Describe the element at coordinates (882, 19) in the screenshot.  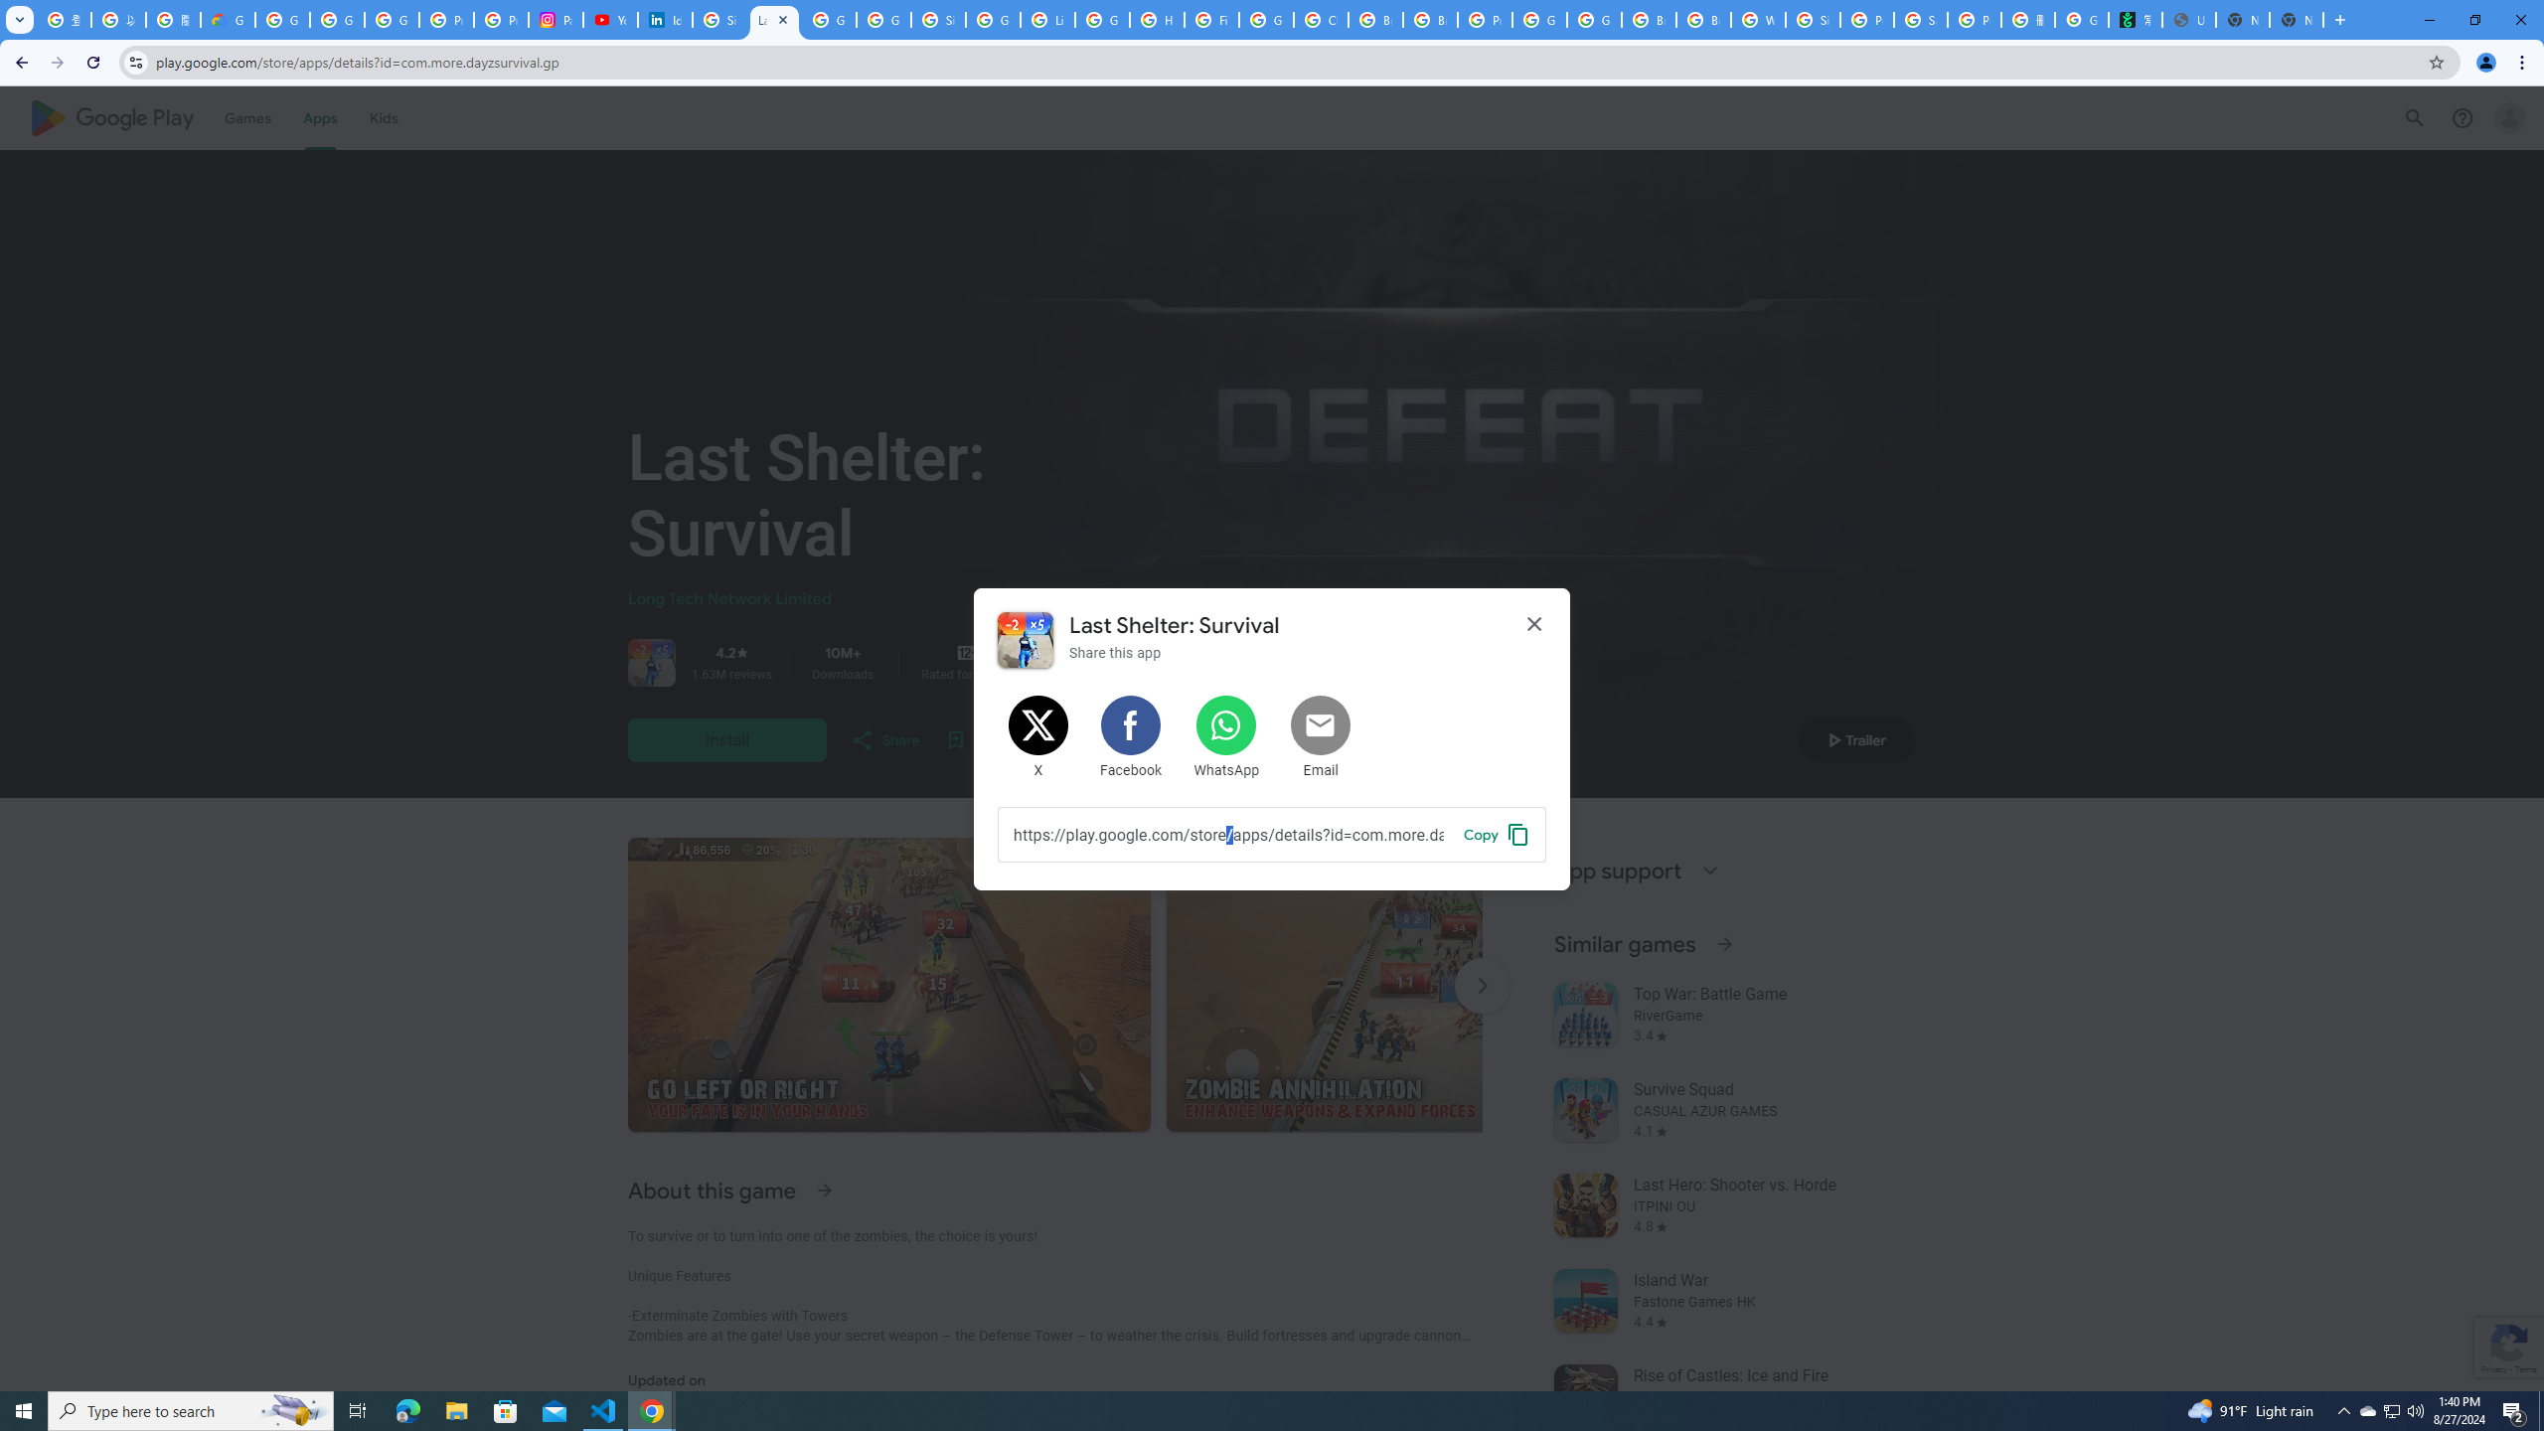
I see `'Google Workspace - Specific Terms'` at that location.